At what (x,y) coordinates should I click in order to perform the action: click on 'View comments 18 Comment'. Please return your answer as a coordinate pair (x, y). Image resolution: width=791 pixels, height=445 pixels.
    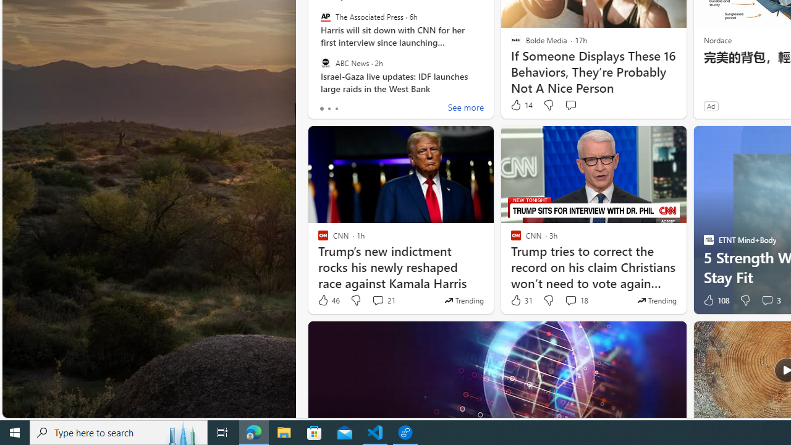
    Looking at the image, I should click on (570, 300).